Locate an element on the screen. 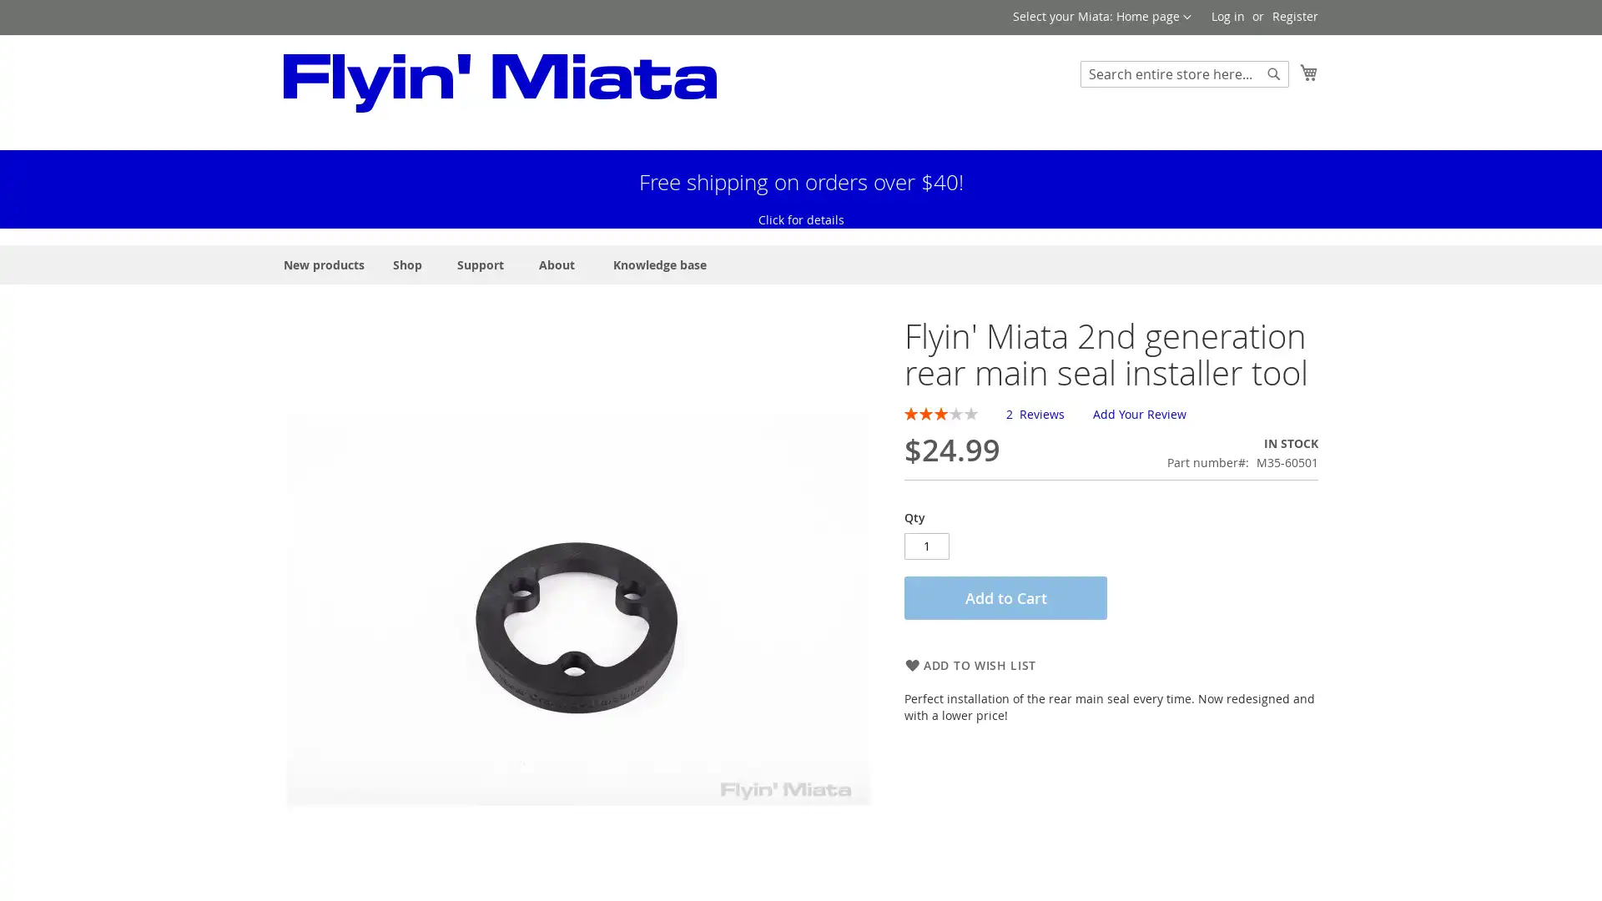  Add to Cart is located at coordinates (1005, 786).